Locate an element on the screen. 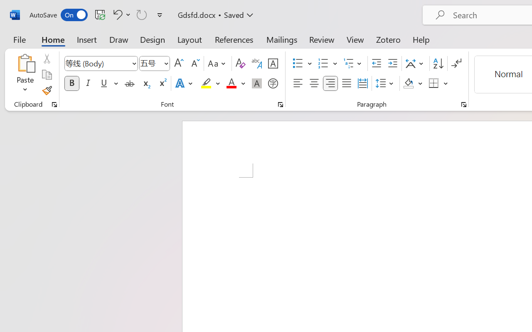  'Align Right' is located at coordinates (330, 83).